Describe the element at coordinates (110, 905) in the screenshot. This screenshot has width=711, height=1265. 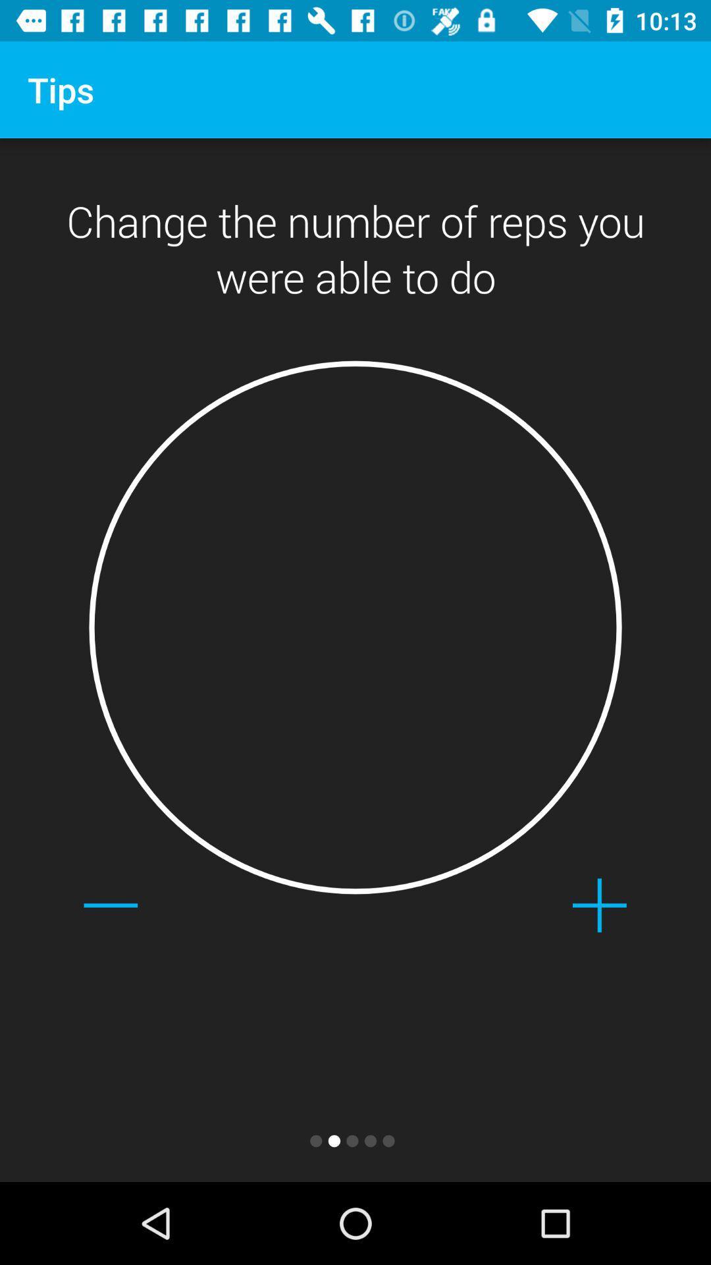
I see `the minus icon` at that location.